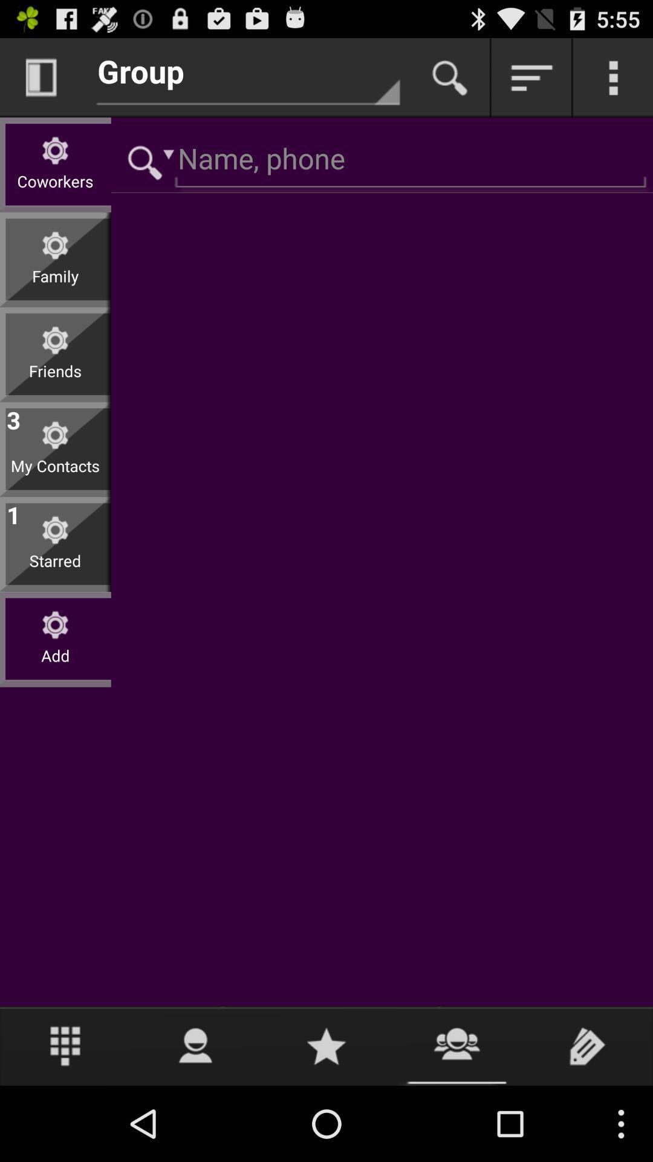  What do you see at coordinates (55, 285) in the screenshot?
I see `the family icon` at bounding box center [55, 285].